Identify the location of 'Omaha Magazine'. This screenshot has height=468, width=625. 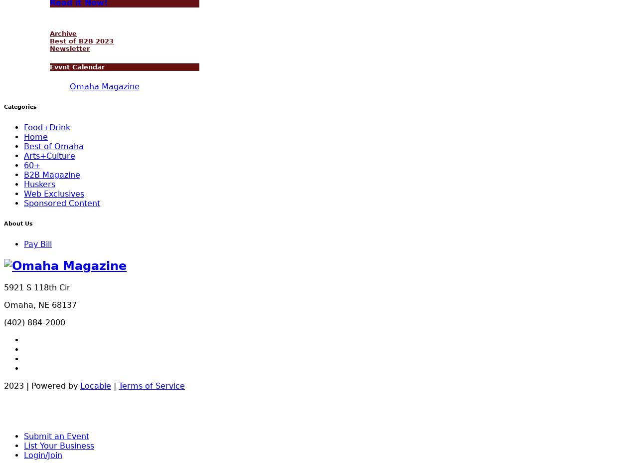
(105, 86).